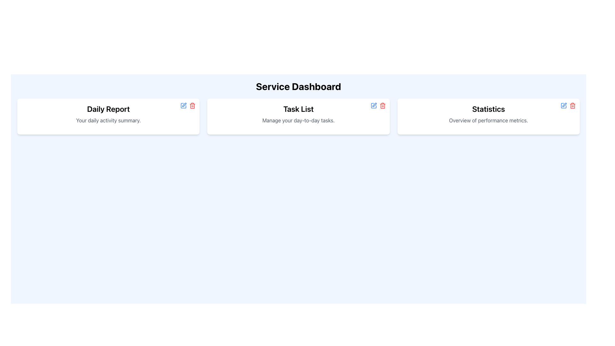 This screenshot has width=615, height=346. What do you see at coordinates (108, 120) in the screenshot?
I see `the text label displaying 'Your daily activity summary.'` at bounding box center [108, 120].